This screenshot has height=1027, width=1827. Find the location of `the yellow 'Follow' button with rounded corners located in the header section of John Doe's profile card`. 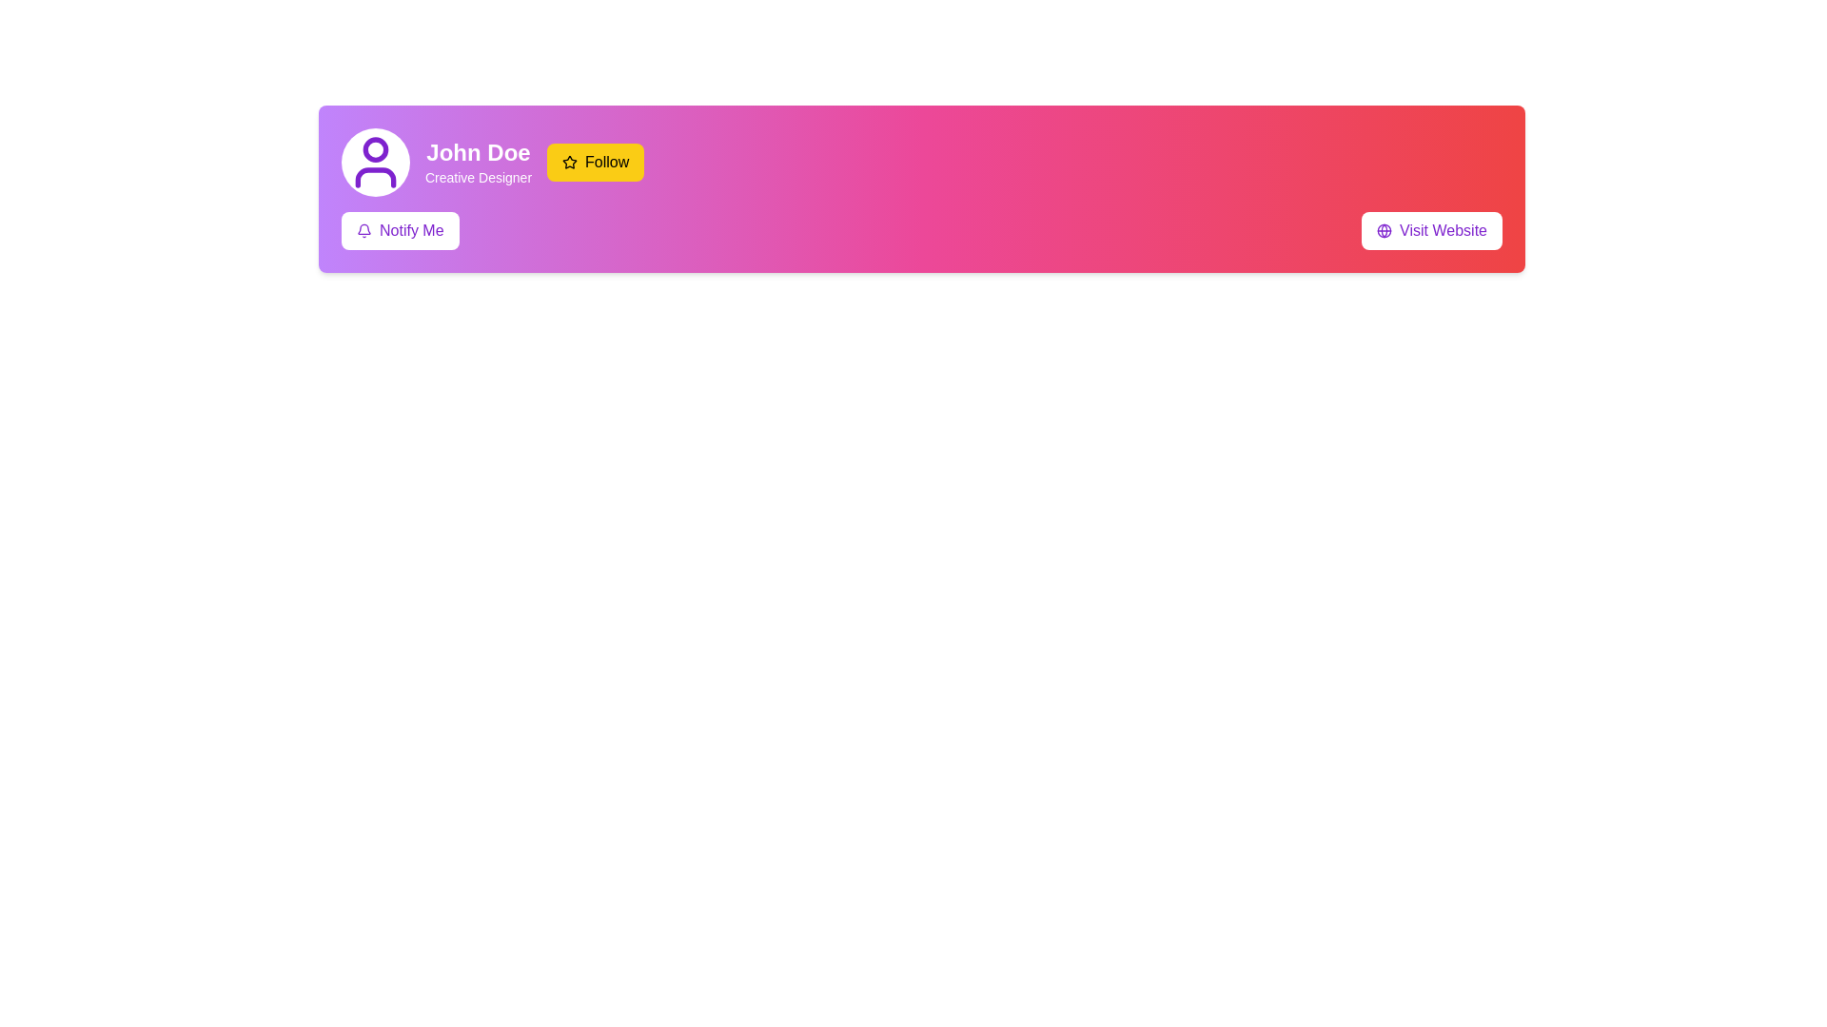

the yellow 'Follow' button with rounded corners located in the header section of John Doe's profile card is located at coordinates (595, 161).